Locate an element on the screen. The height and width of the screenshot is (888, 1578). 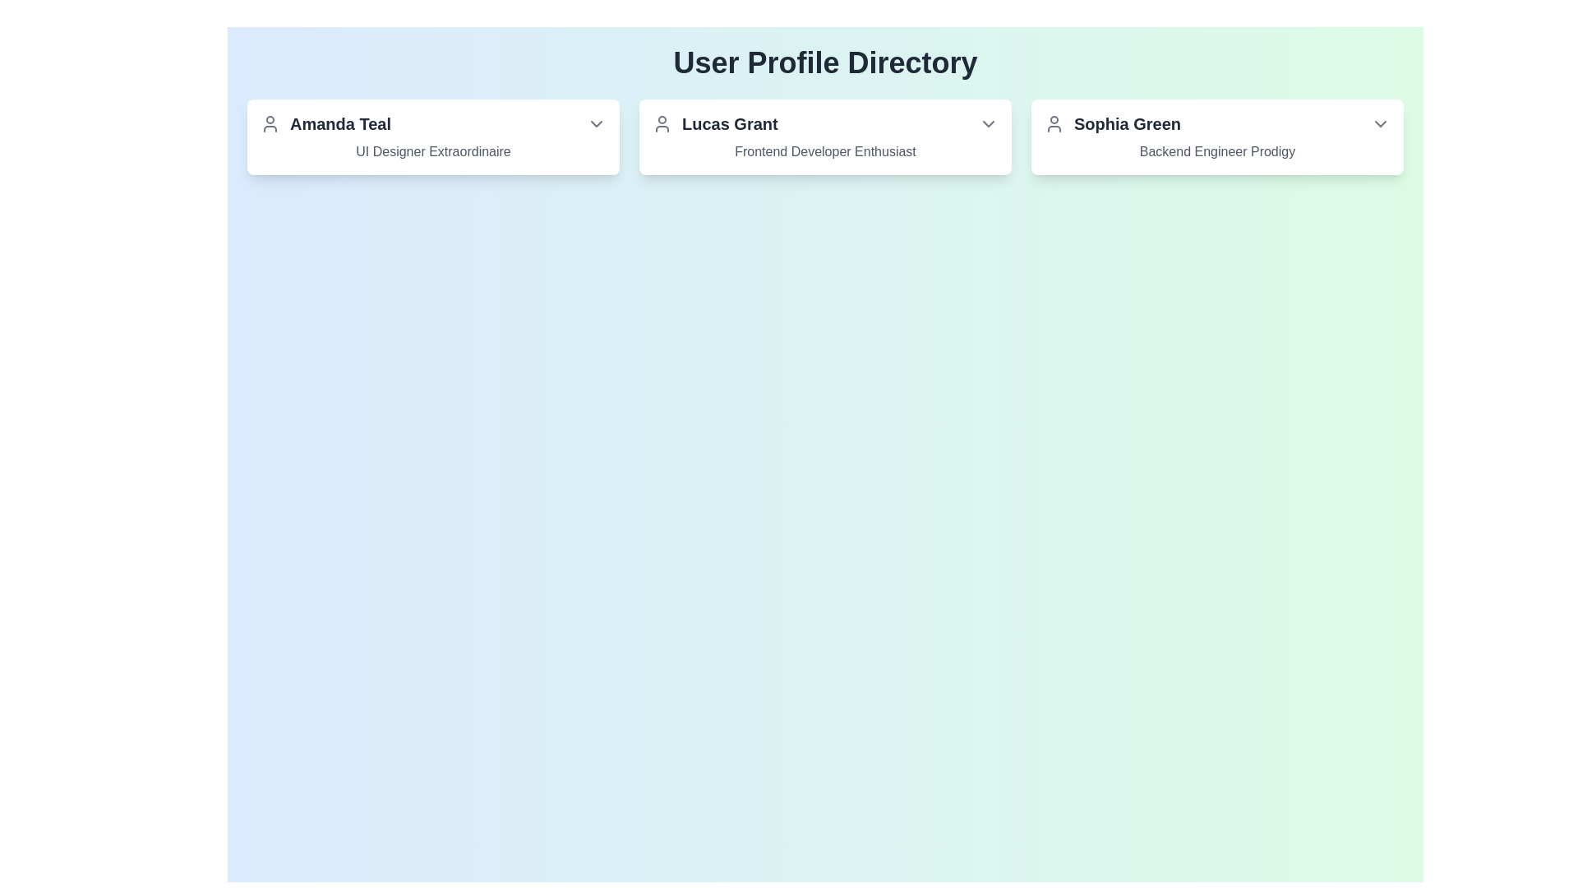
the user icon for Amanda Teal is located at coordinates (270, 123).